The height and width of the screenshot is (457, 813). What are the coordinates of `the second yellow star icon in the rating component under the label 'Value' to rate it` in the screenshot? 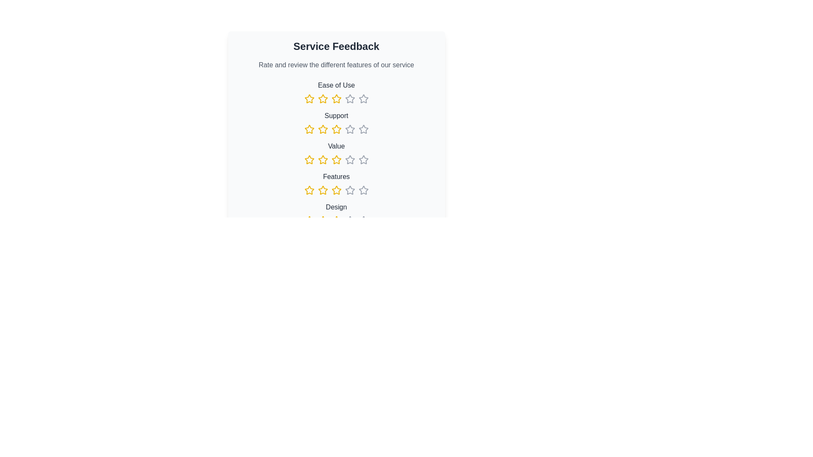 It's located at (309, 160).